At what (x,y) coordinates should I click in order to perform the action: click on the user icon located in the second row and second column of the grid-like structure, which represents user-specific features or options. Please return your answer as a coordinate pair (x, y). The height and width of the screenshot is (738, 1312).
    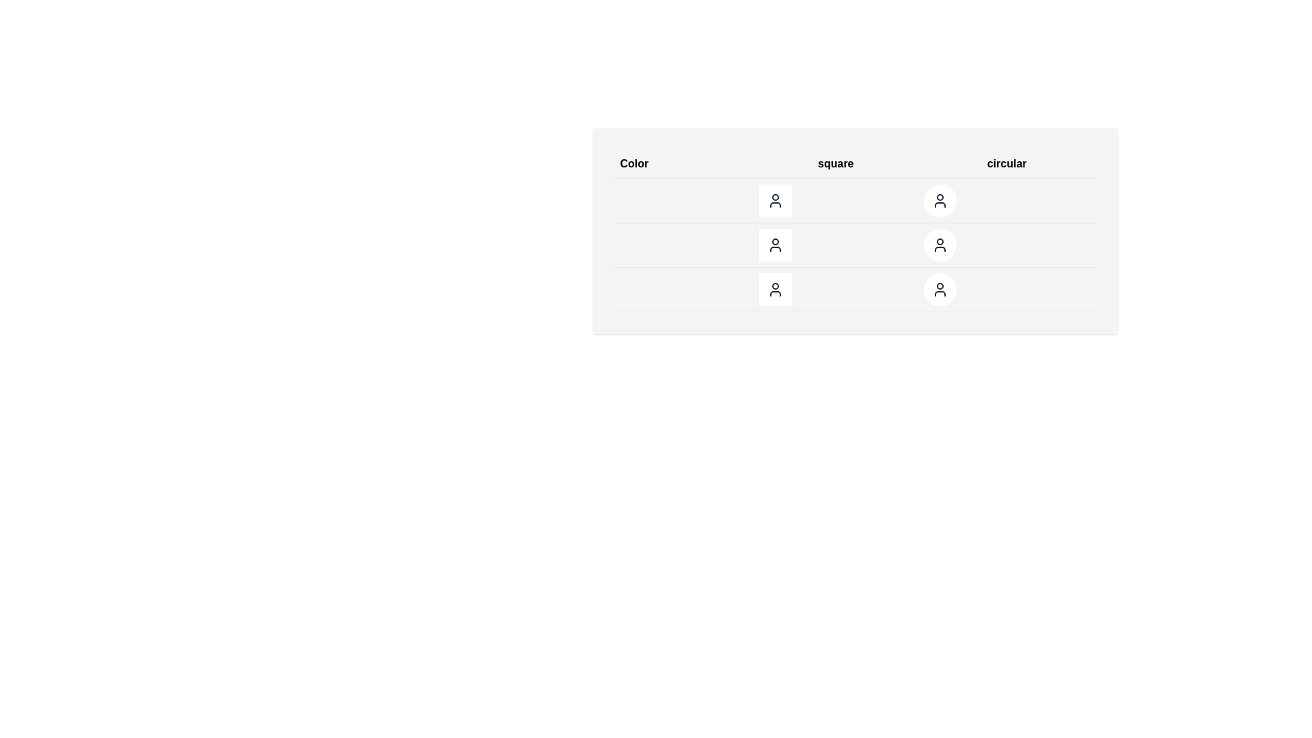
    Looking at the image, I should click on (775, 244).